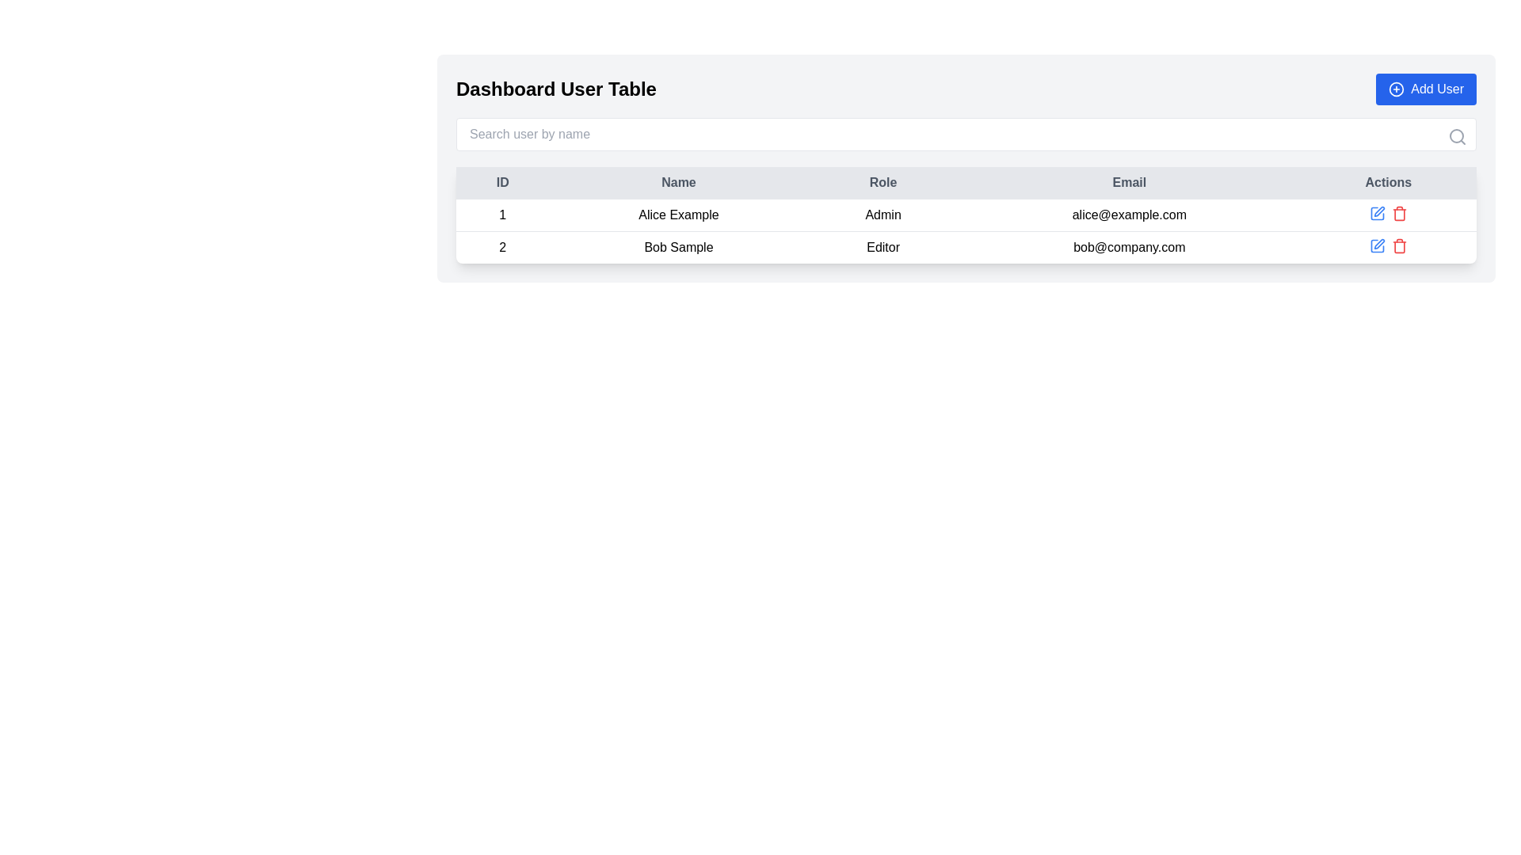  What do you see at coordinates (1426, 89) in the screenshot?
I see `the button used to add a new user to the system, located at the top-right corner next to 'Dashboard User Table', for keyboard navigation` at bounding box center [1426, 89].